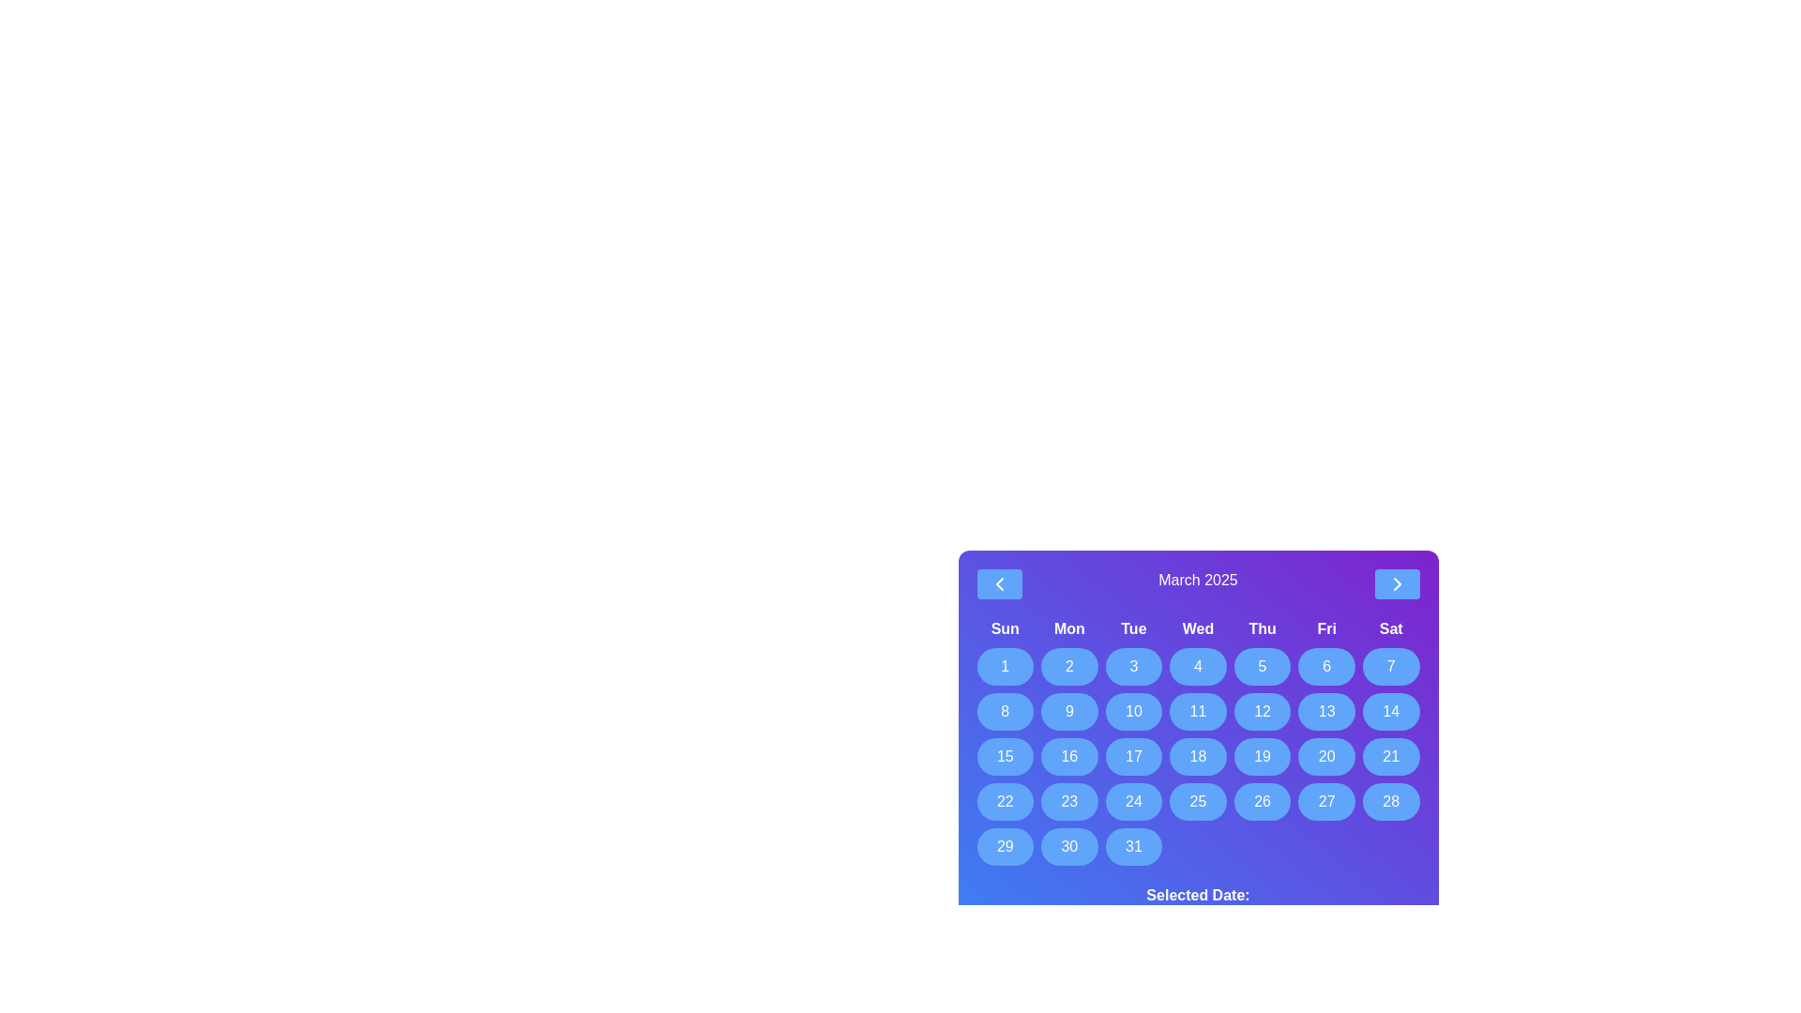 The image size is (1801, 1013). What do you see at coordinates (1263, 665) in the screenshot?
I see `the circular blue button displaying the number '5' located in the calendar grid under the 'Thu' column to observe the visual change` at bounding box center [1263, 665].